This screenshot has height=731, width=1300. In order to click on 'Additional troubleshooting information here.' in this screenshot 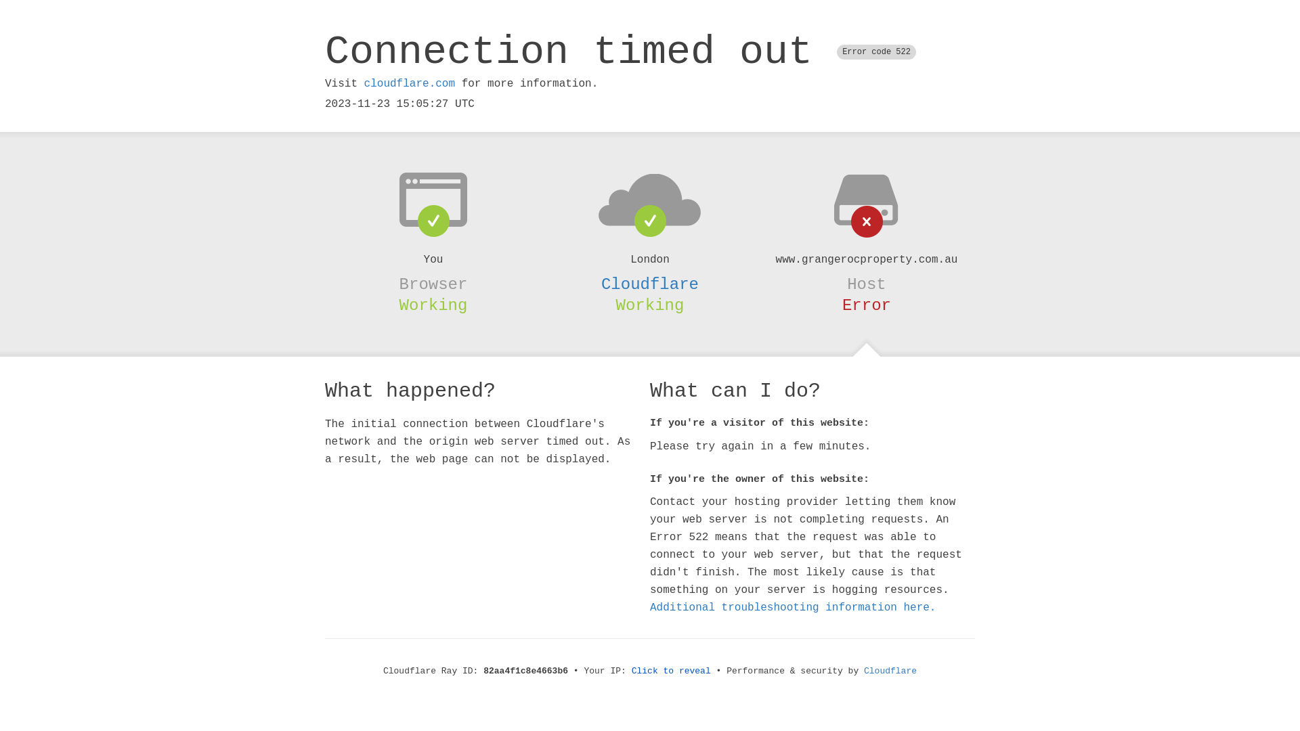, I will do `click(793, 607)`.